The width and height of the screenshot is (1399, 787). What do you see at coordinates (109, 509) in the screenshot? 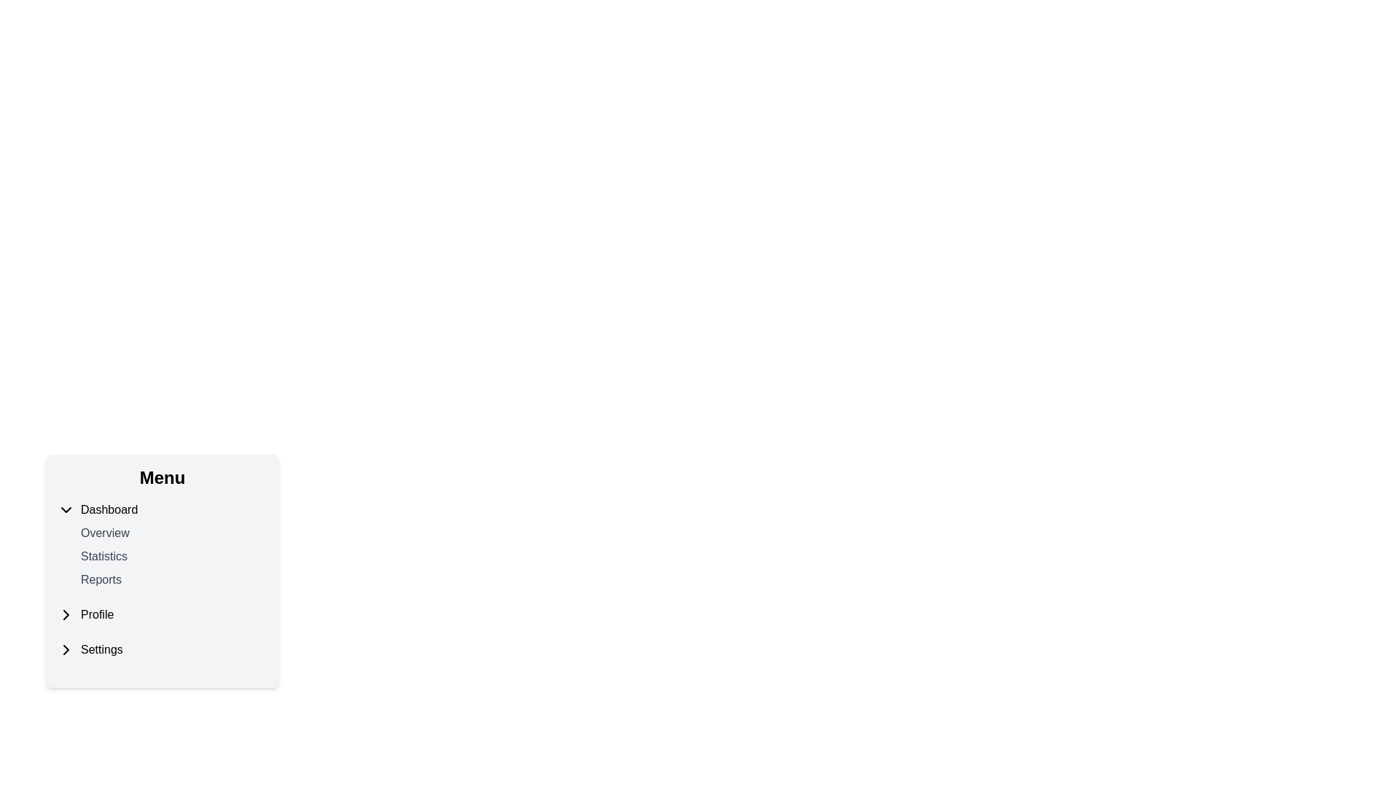
I see `the 'Dashboard' text label located in the top left of the vertical menu, following the downward chevron icon` at bounding box center [109, 509].